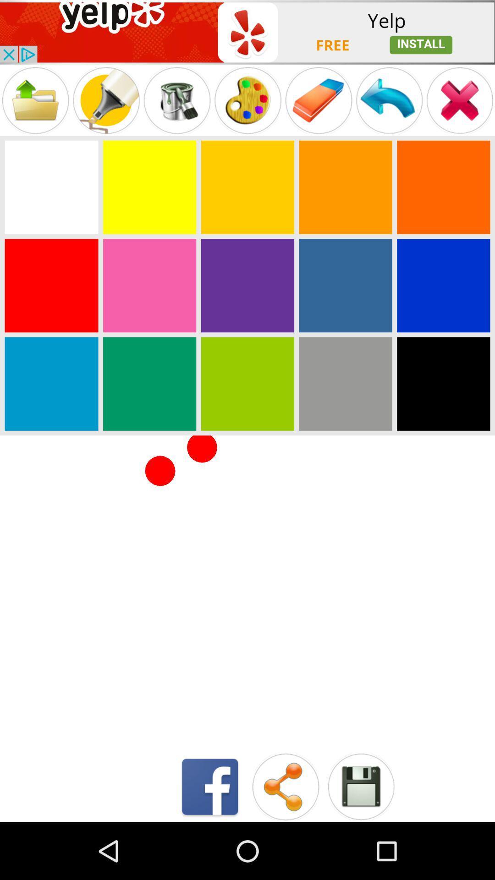 Image resolution: width=495 pixels, height=880 pixels. I want to click on color, so click(346, 285).